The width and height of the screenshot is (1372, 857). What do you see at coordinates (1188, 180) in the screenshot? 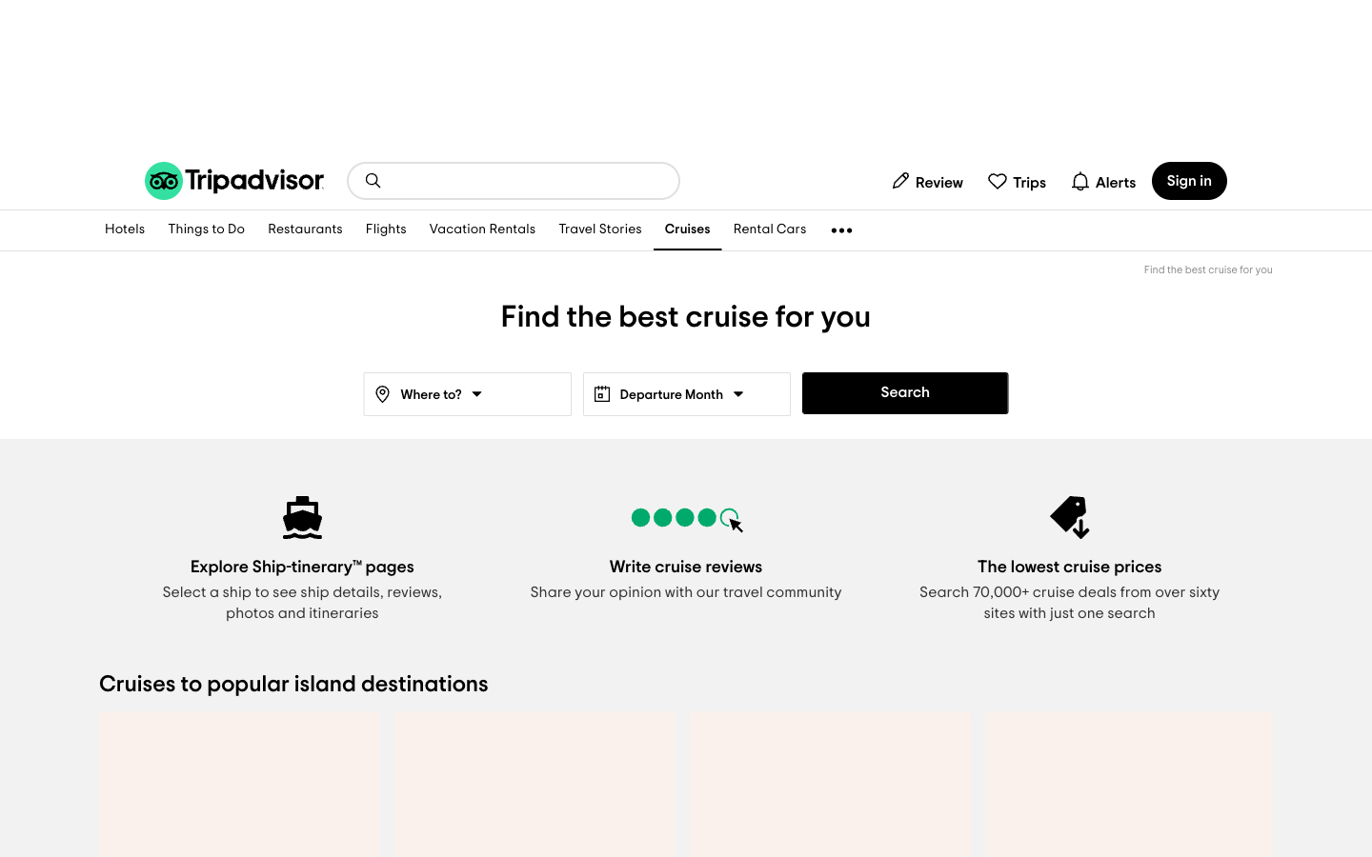
I see `sign in page` at bounding box center [1188, 180].